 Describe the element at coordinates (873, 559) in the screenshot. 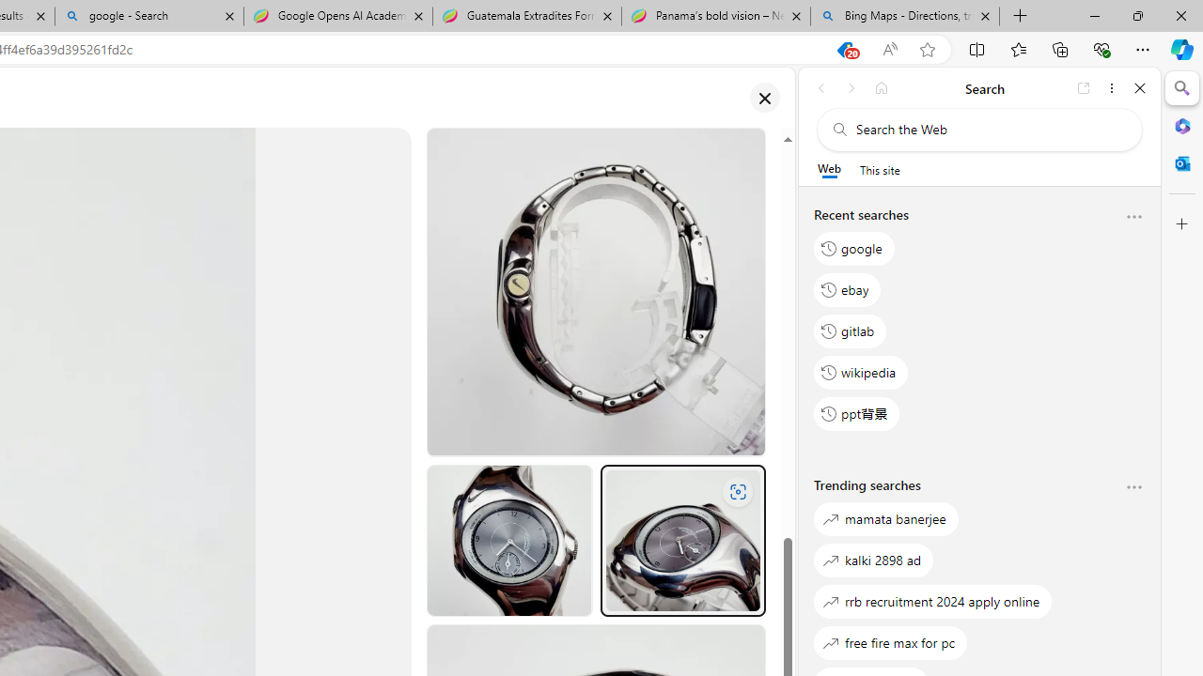

I see `'kalki 2898 ad'` at that location.